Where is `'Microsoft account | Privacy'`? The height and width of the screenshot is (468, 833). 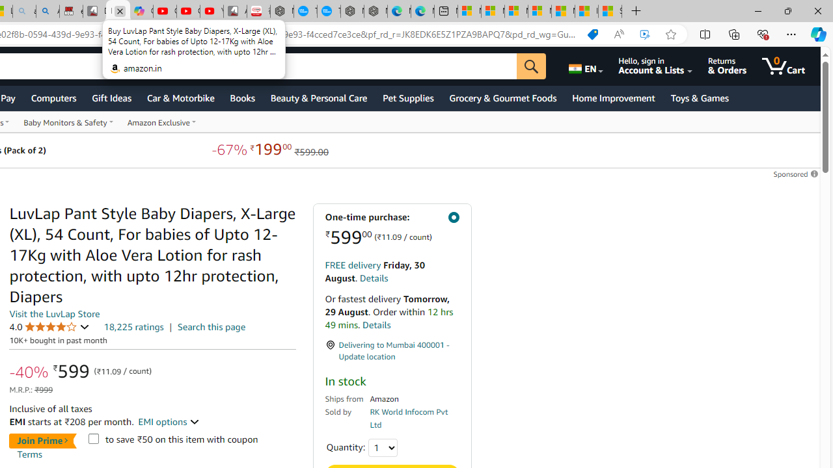 'Microsoft account | Privacy' is located at coordinates (539, 11).